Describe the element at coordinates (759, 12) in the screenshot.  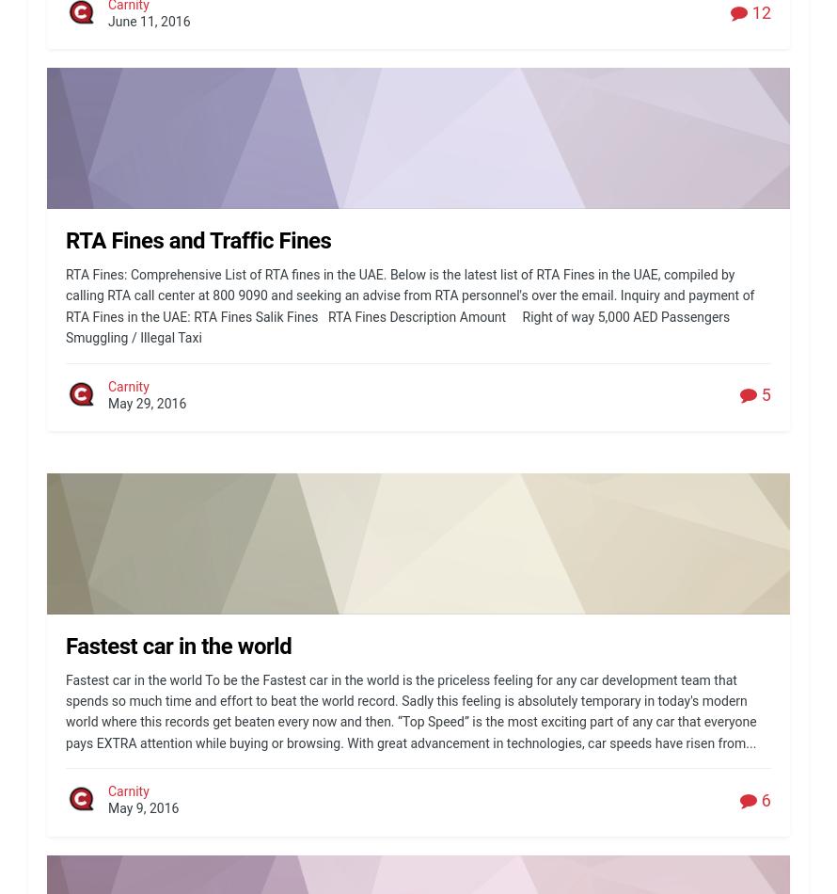
I see `'12'` at that location.